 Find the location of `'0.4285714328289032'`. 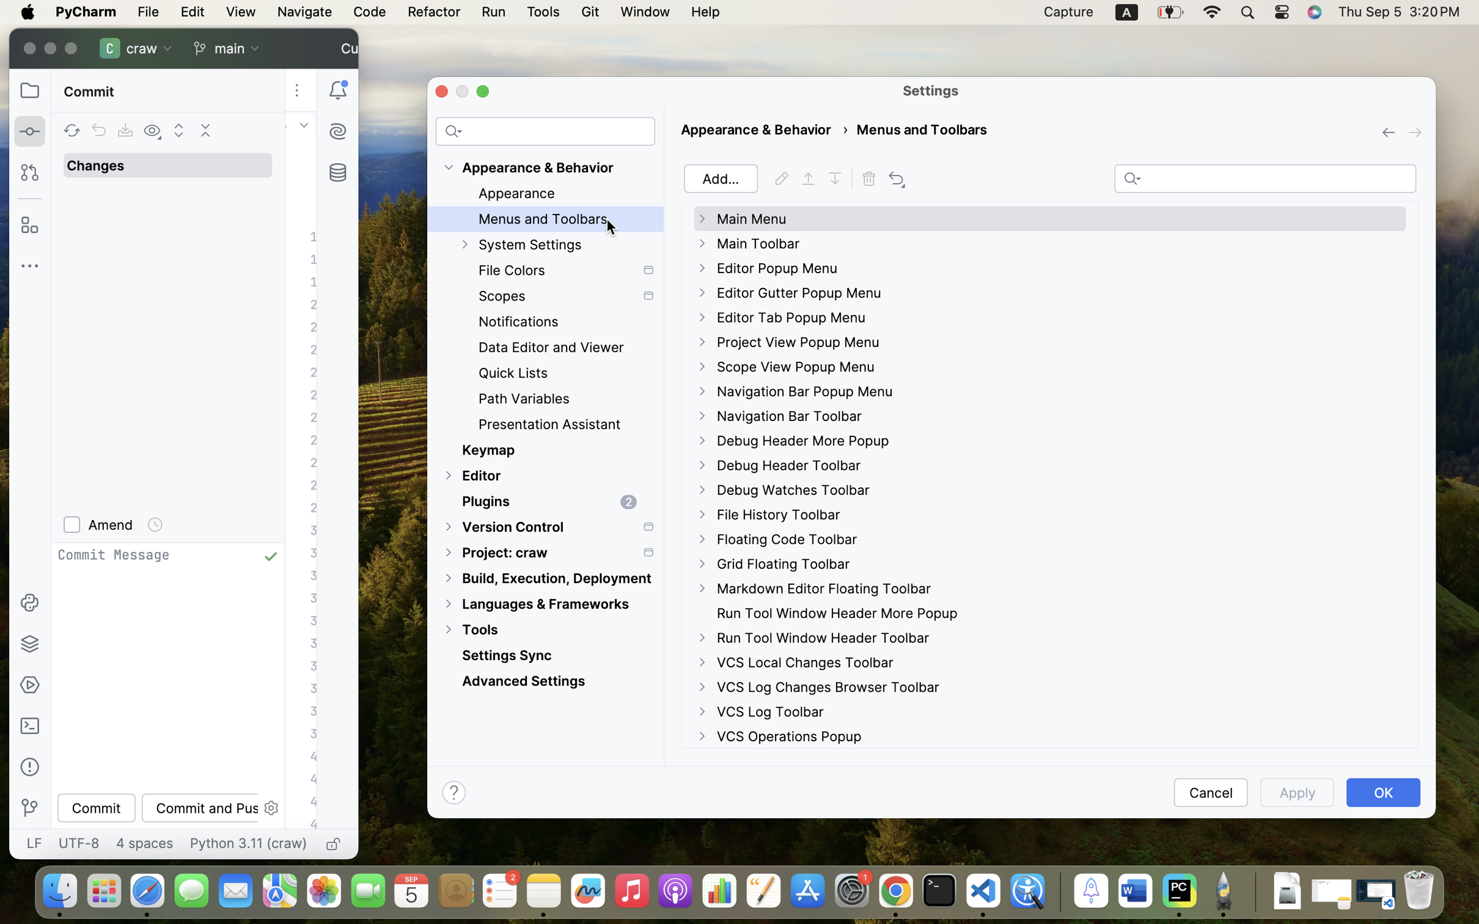

'0.4285714328289032' is located at coordinates (1057, 891).